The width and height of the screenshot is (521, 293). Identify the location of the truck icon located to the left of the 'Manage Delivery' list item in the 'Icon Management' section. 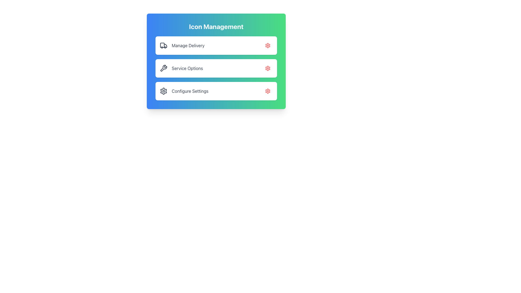
(163, 45).